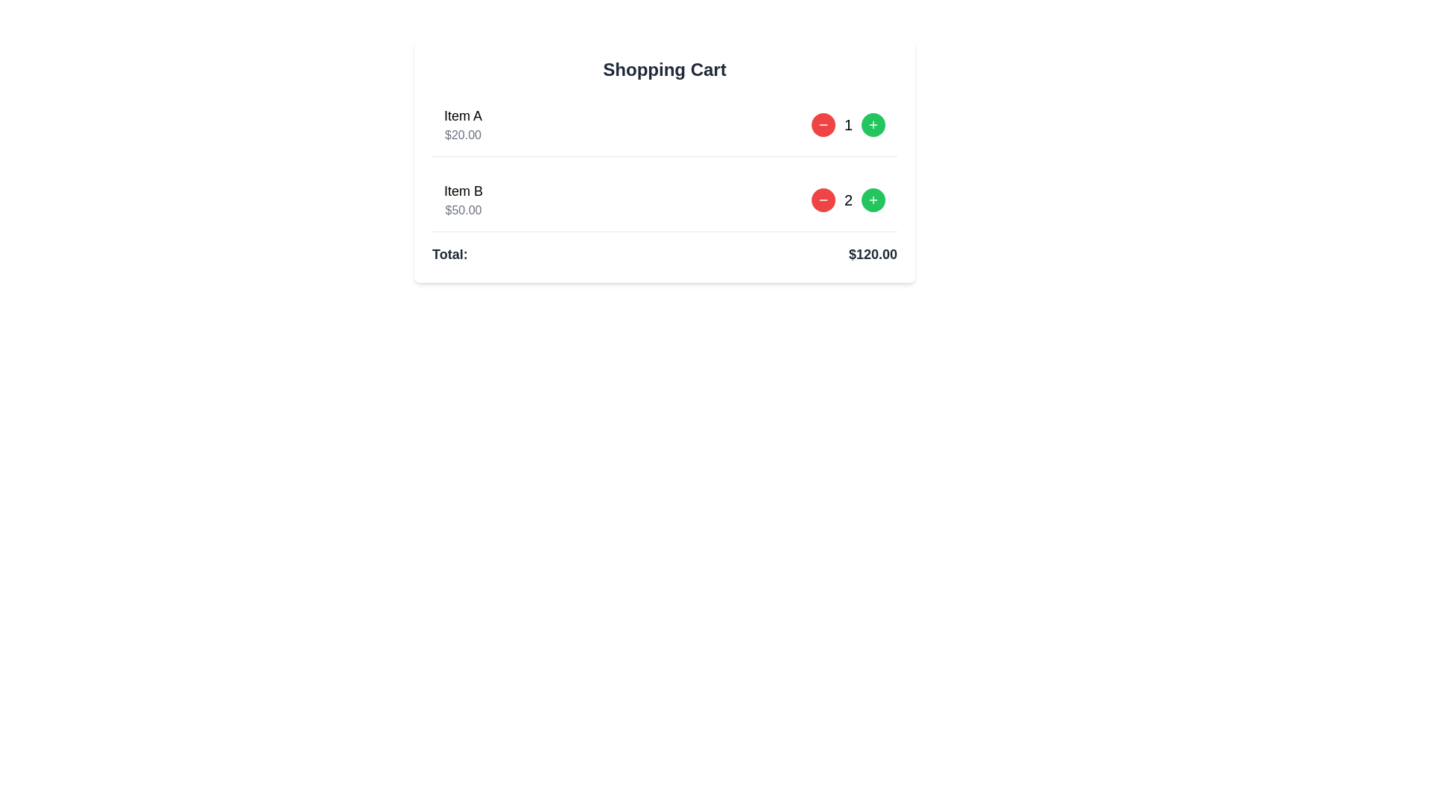 This screenshot has width=1431, height=804. I want to click on the text display showing the number '2' to trigger a tooltip or highlight effect, so click(848, 200).